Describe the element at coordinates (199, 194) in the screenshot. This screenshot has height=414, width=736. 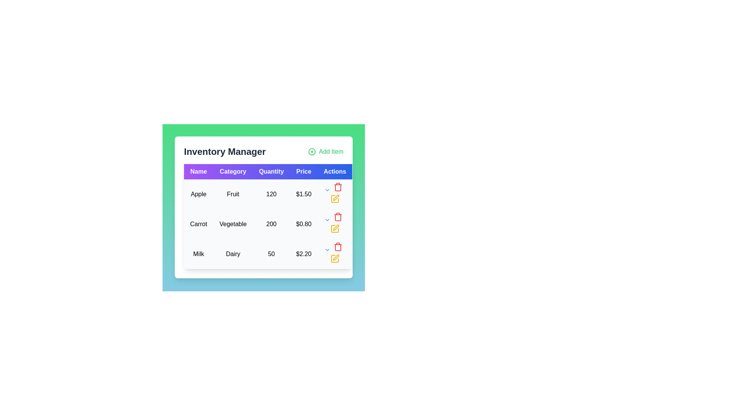
I see `the text label representing the name of an item in the inventory table, located in the first row under the 'Name' column, adjacent to the 'Category' column with the text 'Fruit'` at that location.